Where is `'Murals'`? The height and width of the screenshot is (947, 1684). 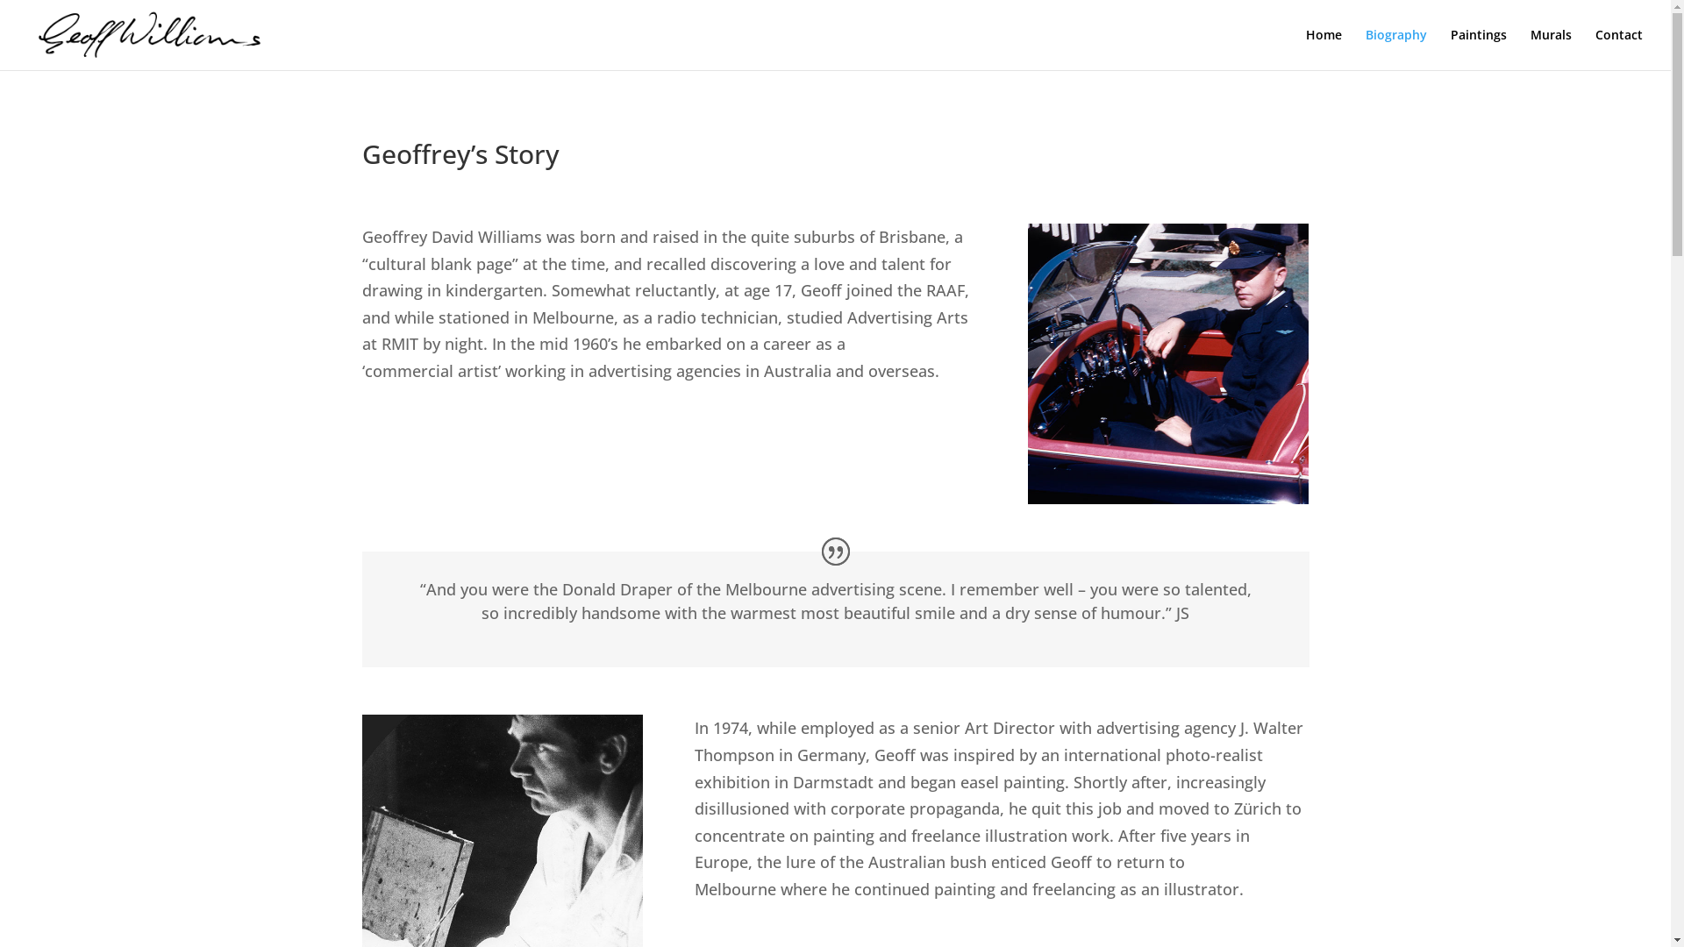
'Murals' is located at coordinates (1530, 48).